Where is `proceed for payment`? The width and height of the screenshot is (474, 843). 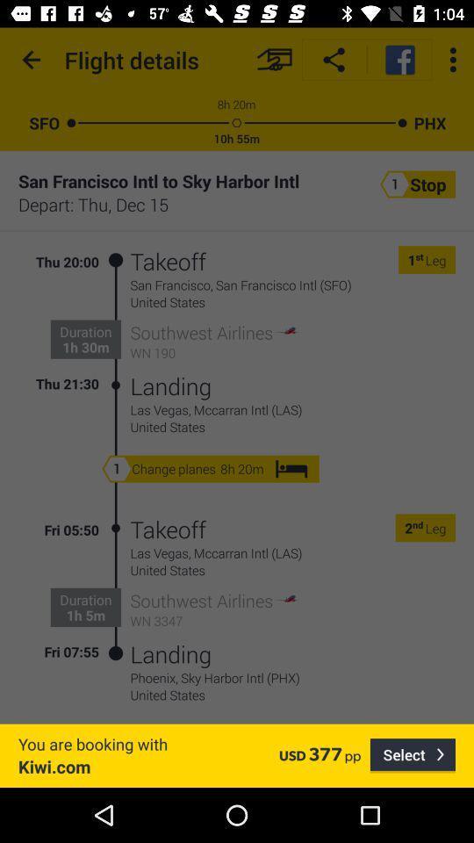 proceed for payment is located at coordinates (274, 60).